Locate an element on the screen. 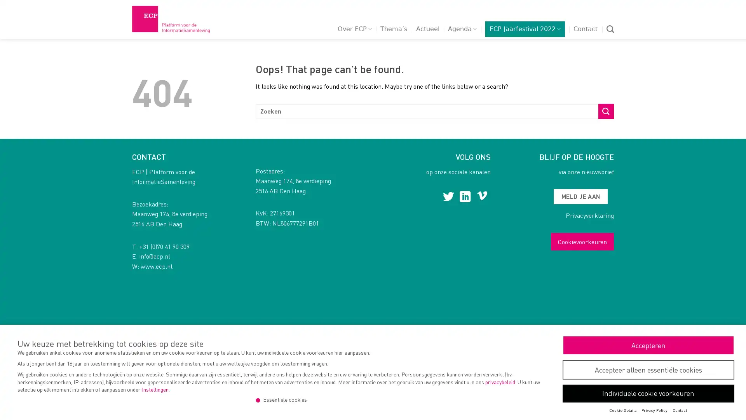  Accepteren is located at coordinates (648, 345).